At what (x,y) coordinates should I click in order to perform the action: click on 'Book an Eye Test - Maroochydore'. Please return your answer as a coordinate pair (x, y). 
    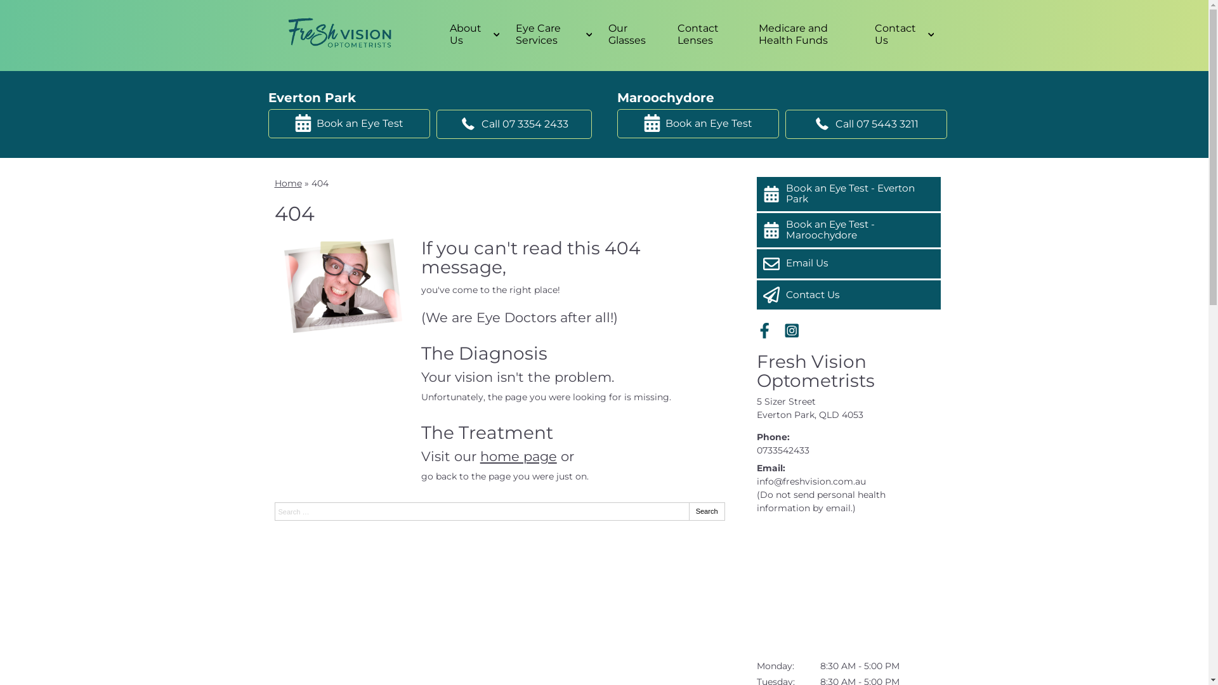
    Looking at the image, I should click on (848, 230).